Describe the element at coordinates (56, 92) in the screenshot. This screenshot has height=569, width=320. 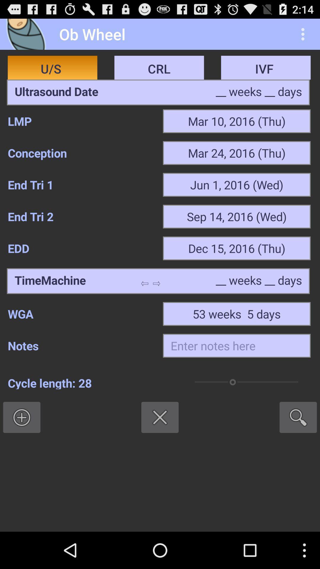
I see `the date bar` at that location.